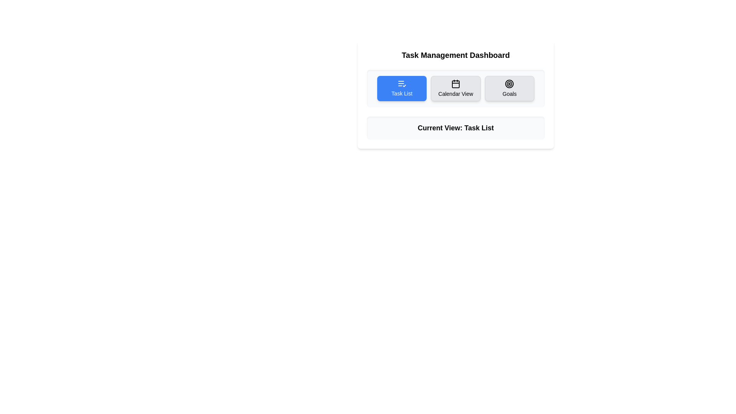  Describe the element at coordinates (456, 84) in the screenshot. I see `the calendar icon located within the 'Calendar View' button` at that location.